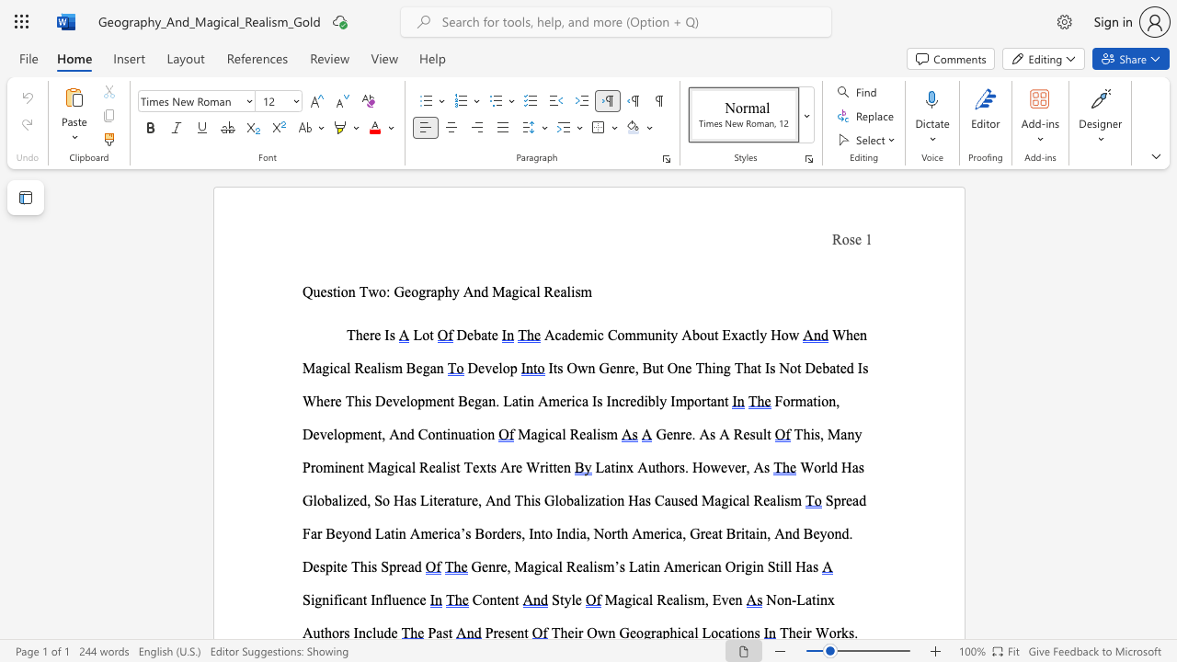  I want to click on the subset text "nity About Exactly How" within the text "Academic Community About Exactly How", so click(655, 335).